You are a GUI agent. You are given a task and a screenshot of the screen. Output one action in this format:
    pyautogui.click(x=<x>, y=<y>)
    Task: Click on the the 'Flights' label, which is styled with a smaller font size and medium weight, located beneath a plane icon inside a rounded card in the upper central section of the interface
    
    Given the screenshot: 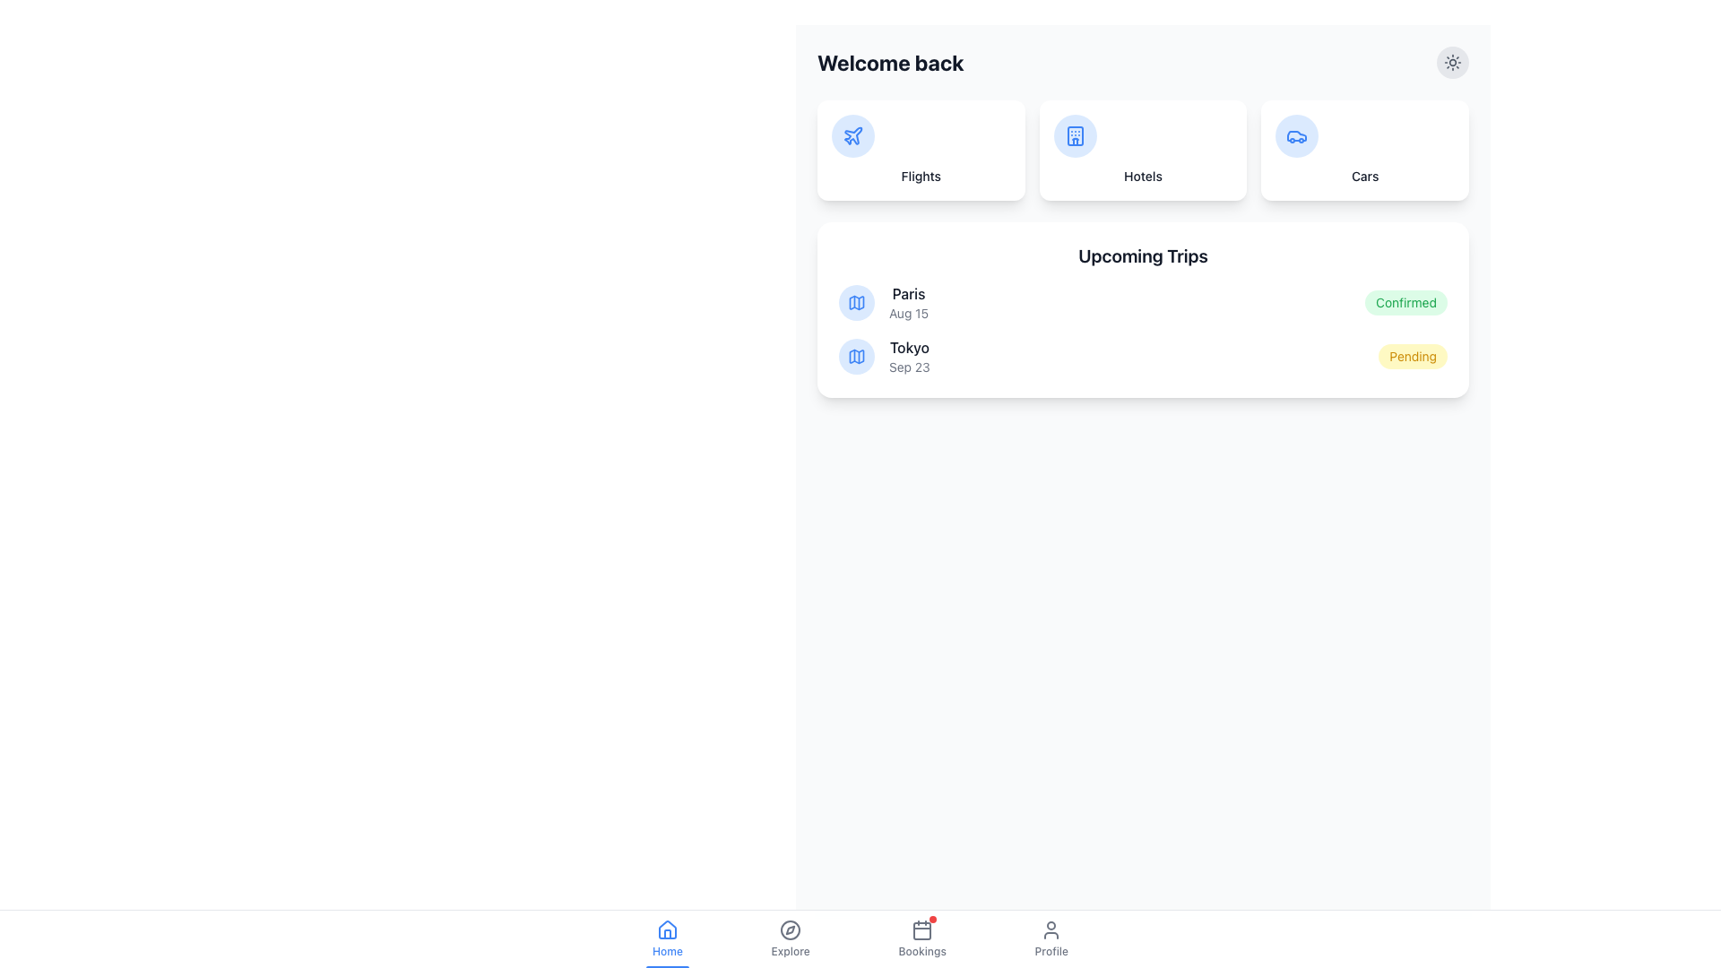 What is the action you would take?
    pyautogui.click(x=921, y=176)
    